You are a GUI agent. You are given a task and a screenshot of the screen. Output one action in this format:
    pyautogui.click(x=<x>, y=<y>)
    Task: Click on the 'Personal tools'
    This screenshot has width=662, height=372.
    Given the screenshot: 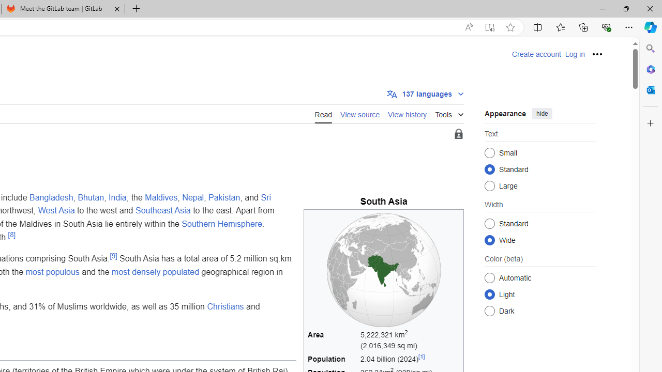 What is the action you would take?
    pyautogui.click(x=597, y=54)
    